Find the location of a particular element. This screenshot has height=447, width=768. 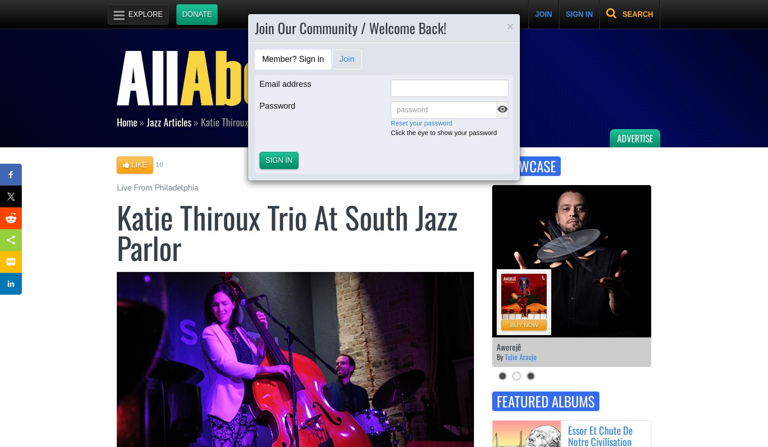

'10' is located at coordinates (158, 164).